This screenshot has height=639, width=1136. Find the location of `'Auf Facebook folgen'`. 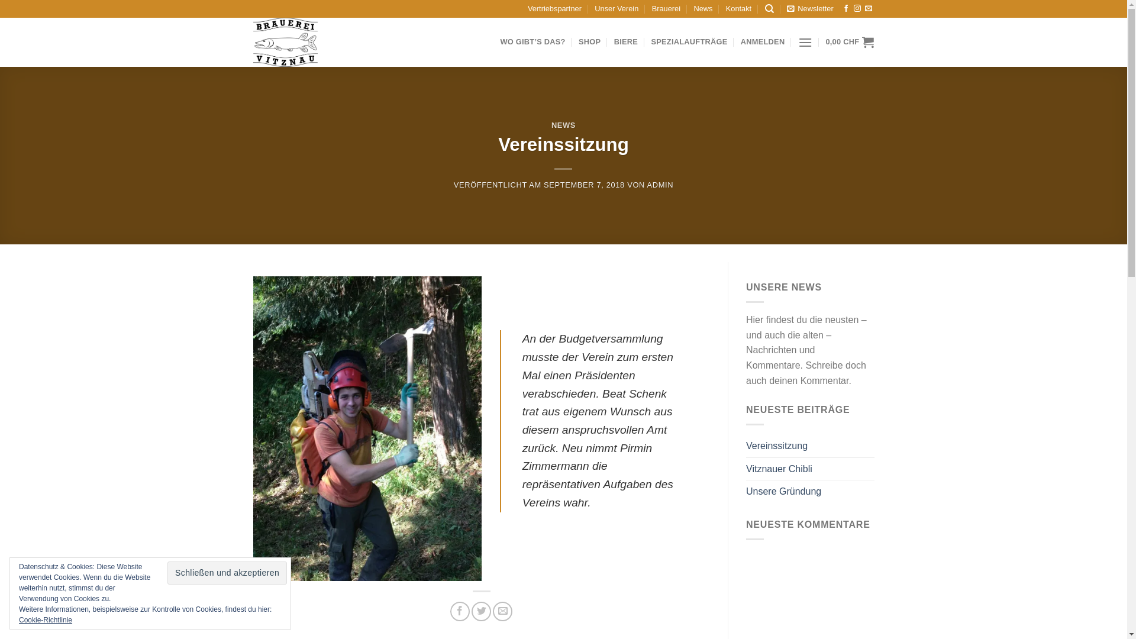

'Auf Facebook folgen' is located at coordinates (842, 9).